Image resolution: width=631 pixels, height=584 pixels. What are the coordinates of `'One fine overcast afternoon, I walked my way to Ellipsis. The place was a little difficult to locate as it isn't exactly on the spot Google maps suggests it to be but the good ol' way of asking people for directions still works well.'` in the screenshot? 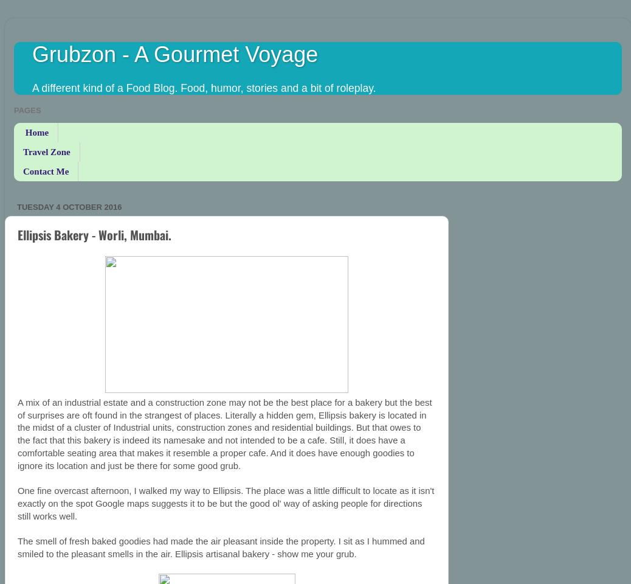 It's located at (226, 503).